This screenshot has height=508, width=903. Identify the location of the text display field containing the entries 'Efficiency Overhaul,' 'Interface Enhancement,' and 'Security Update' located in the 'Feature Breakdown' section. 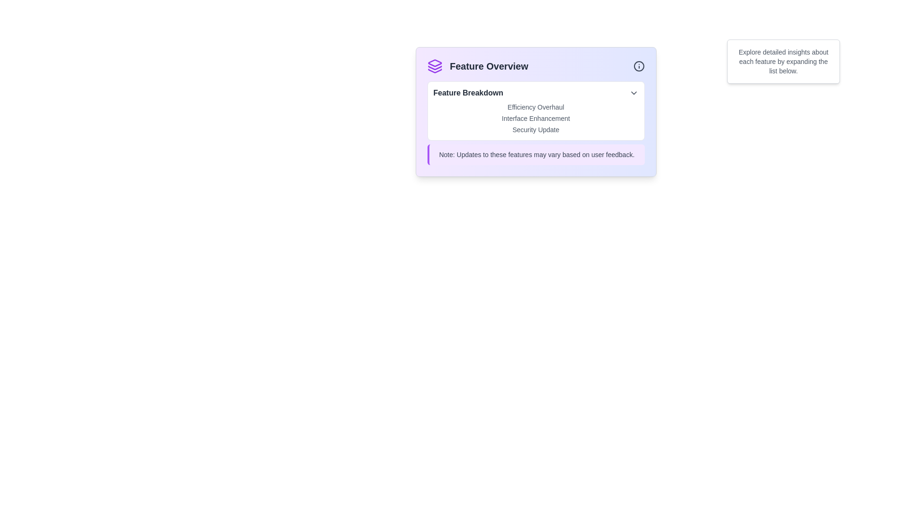
(536, 118).